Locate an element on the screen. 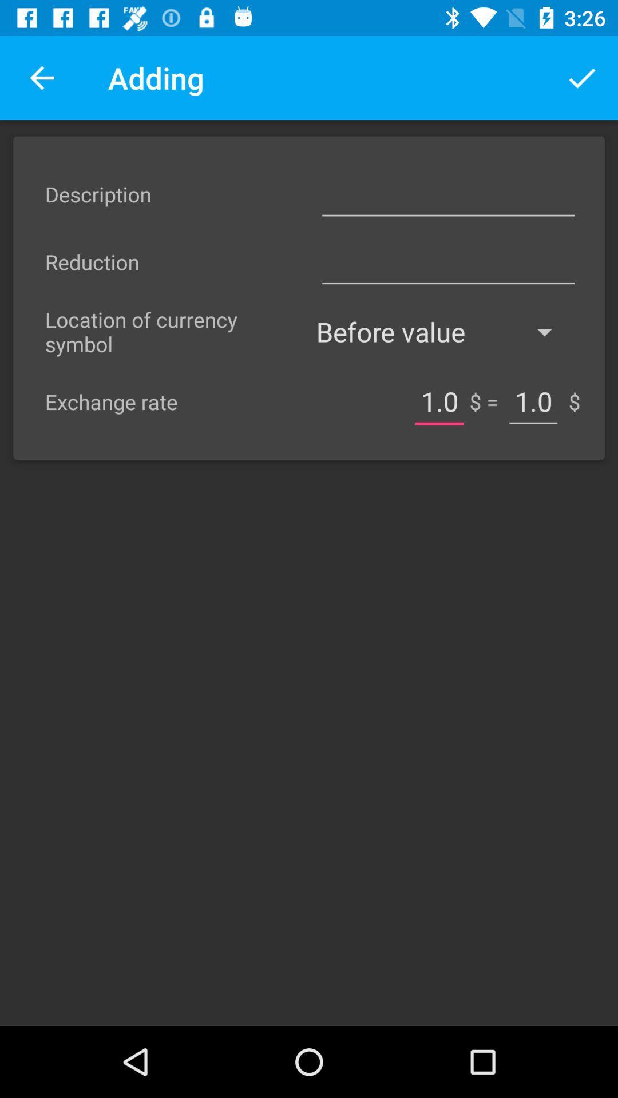 Image resolution: width=618 pixels, height=1098 pixels. open keyboard is located at coordinates (447, 194).